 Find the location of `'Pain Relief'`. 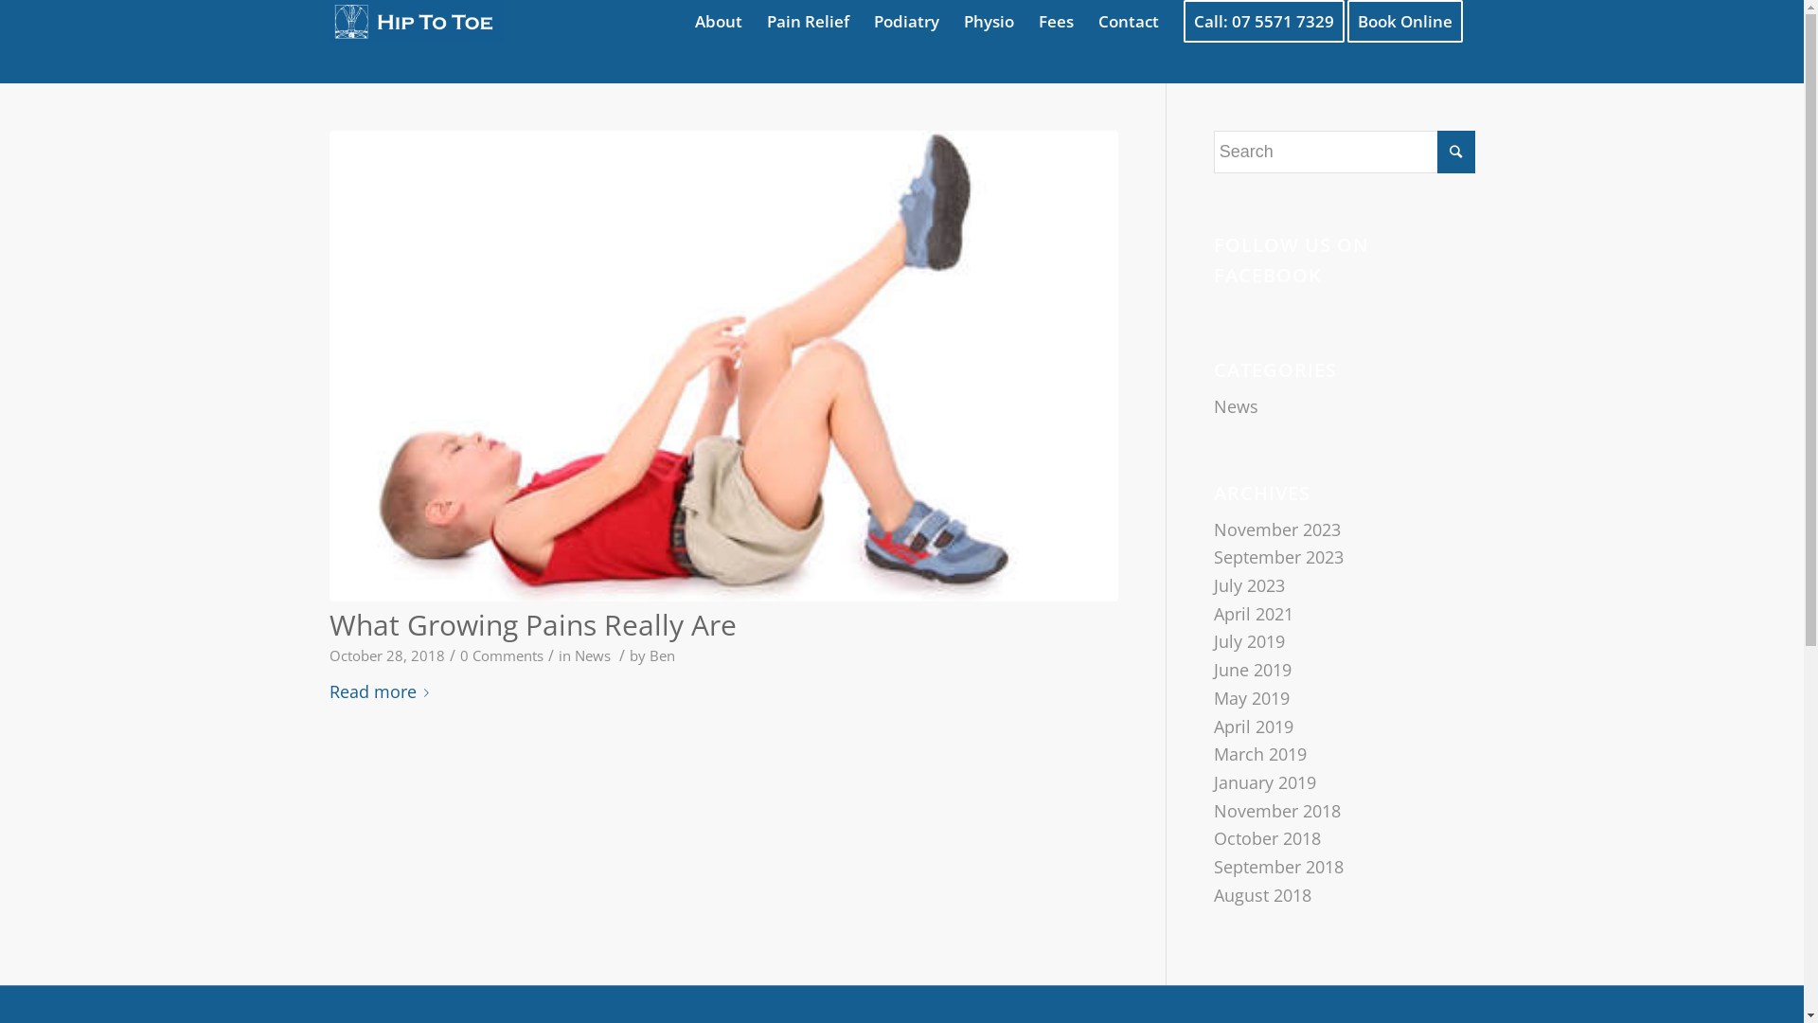

'Pain Relief' is located at coordinates (807, 21).